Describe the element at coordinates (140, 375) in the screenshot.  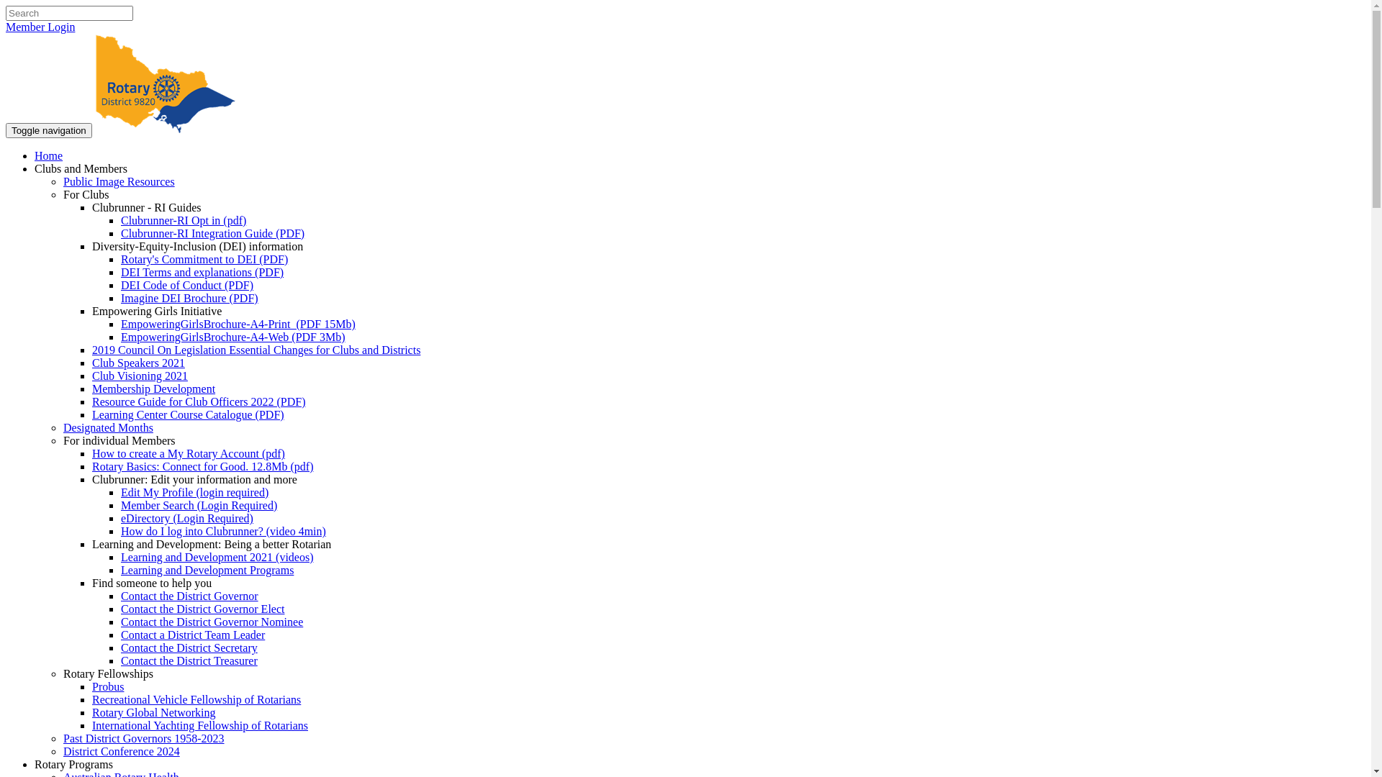
I see `'Club Visioning 2021'` at that location.